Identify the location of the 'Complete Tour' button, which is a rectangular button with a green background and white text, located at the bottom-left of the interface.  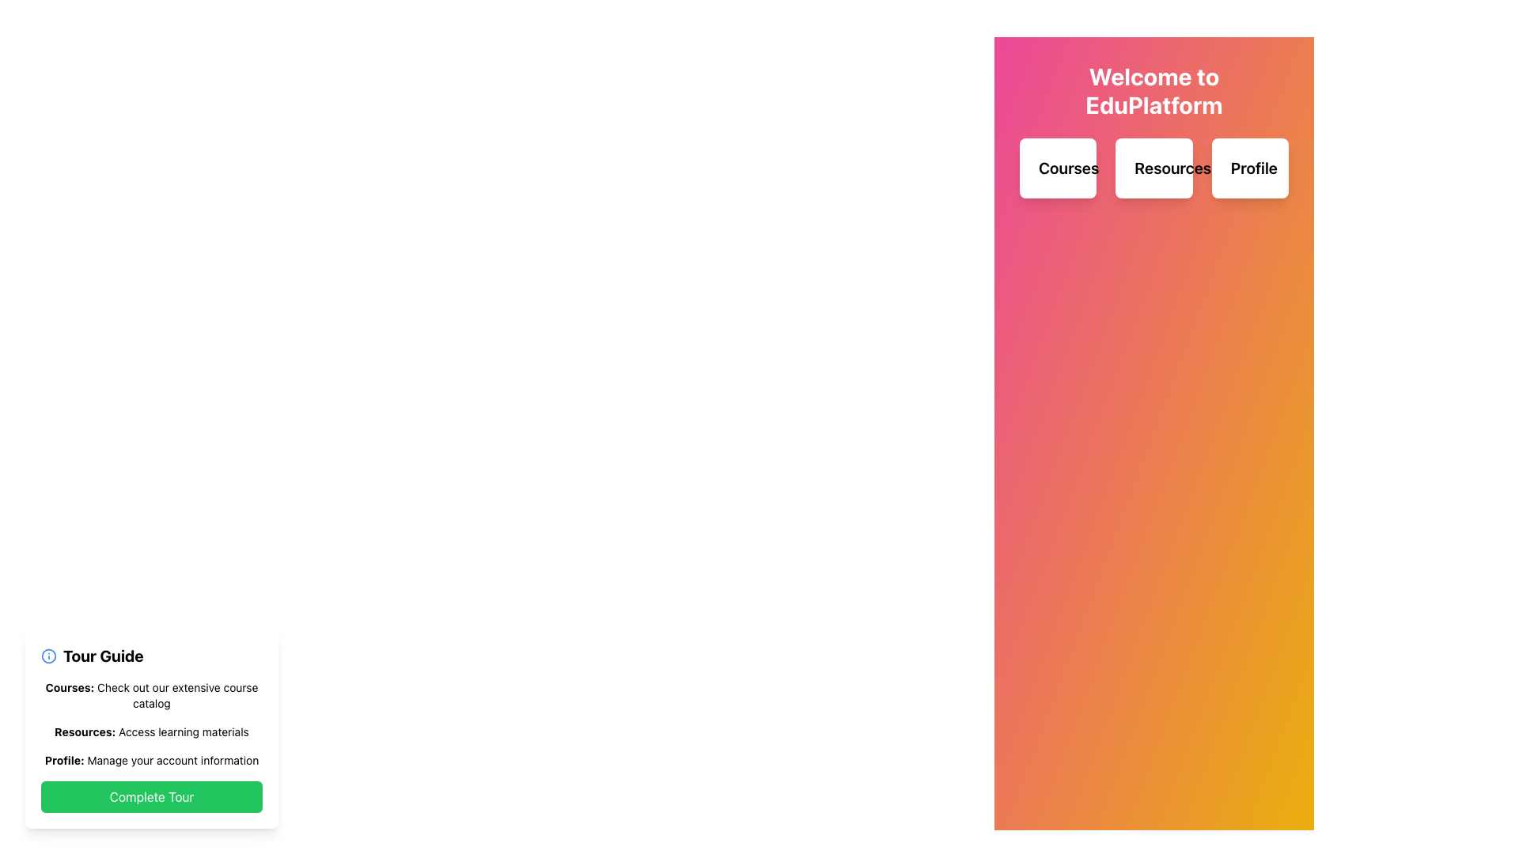
(152, 796).